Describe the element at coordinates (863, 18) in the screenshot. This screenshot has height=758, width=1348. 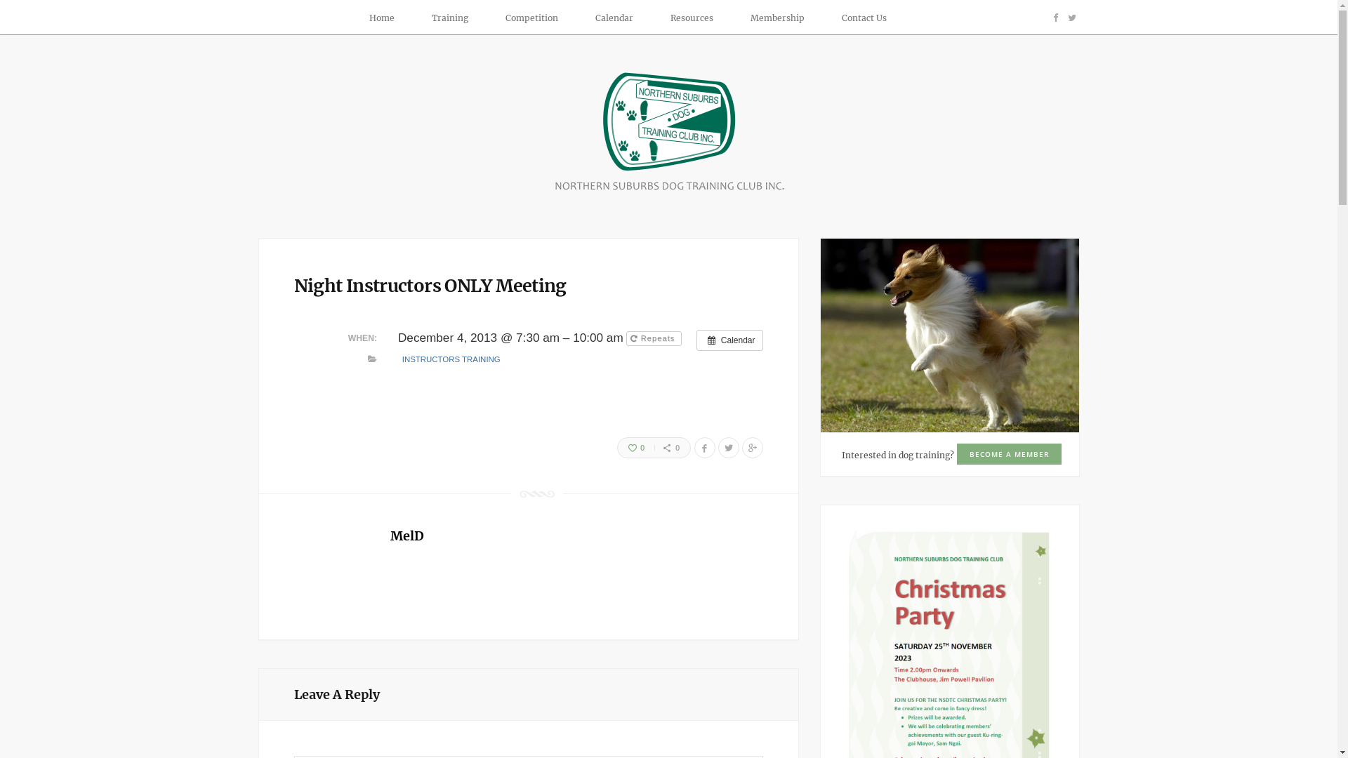
I see `'Contact Us'` at that location.